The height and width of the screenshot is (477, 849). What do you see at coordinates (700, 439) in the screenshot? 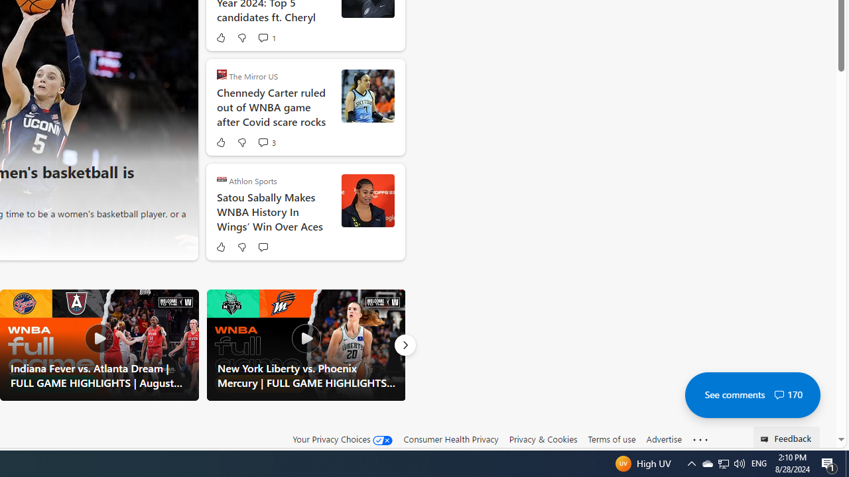
I see `'Class: oneFooter_seeMore-DS-EntryPoint1-1'` at bounding box center [700, 439].